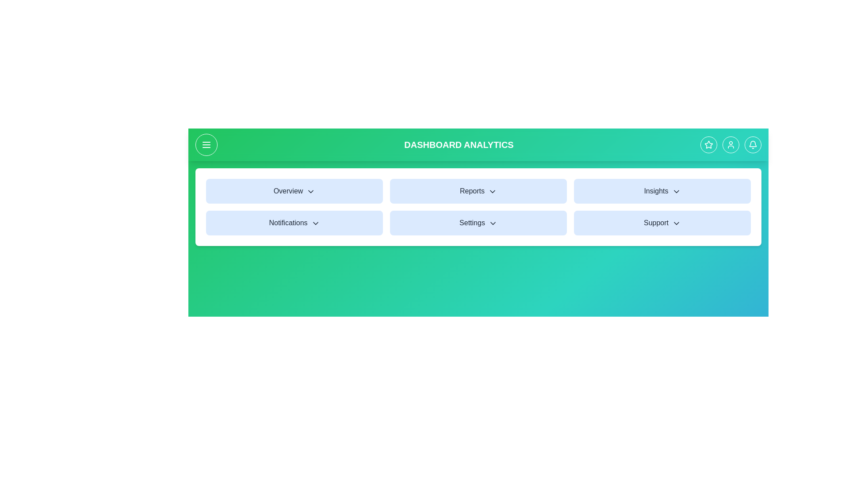 The width and height of the screenshot is (849, 477). I want to click on the Star icon in the top right corner, so click(709, 144).